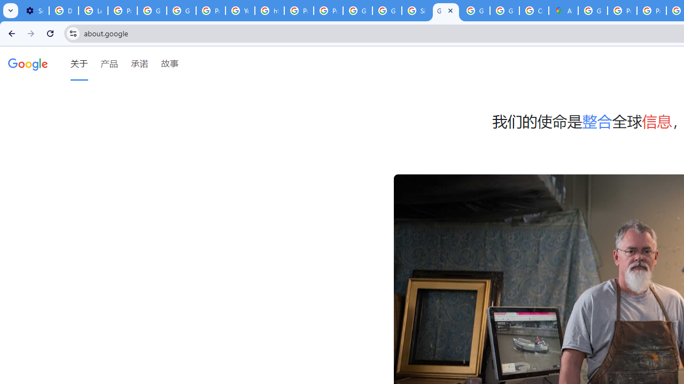 The width and height of the screenshot is (684, 384). Describe the element at coordinates (151, 11) in the screenshot. I see `'Google Account Help'` at that location.